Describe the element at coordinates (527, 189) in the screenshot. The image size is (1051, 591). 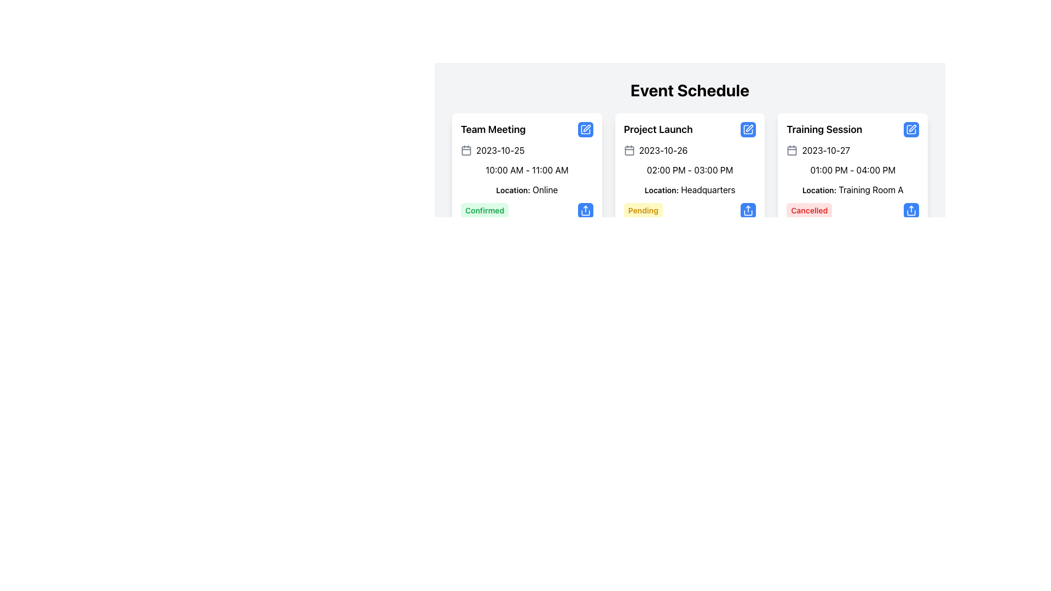
I see `the Text Label element displaying 'Location: Online' that is located in the 'Team Meeting' section, positioned beneath '10:00 AM - 11:00 AM' and above 'Confirmed'` at that location.